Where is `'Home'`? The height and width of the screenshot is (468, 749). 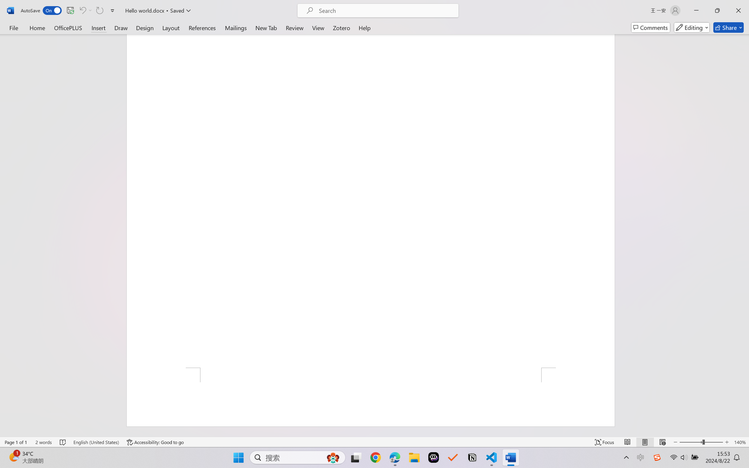 'Home' is located at coordinates (37, 27).